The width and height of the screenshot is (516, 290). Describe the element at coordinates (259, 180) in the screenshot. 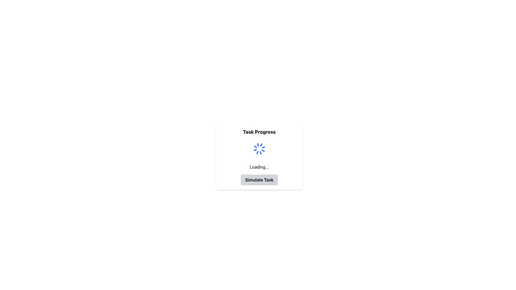

I see `the 'Simulate Task' button with rounded corners and a gray background for keyboard navigation` at that location.